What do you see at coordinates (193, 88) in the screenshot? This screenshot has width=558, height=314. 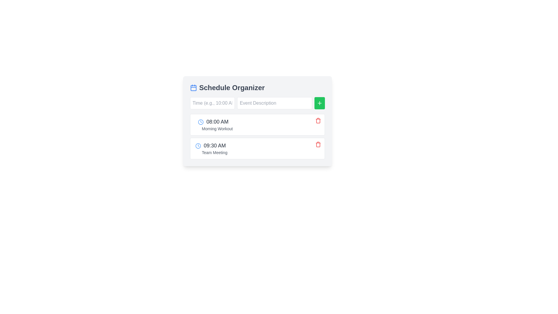 I see `the icon located to the left of the 'Schedule Organizer' heading, which serves as a visual cue for the scheduling interface` at bounding box center [193, 88].